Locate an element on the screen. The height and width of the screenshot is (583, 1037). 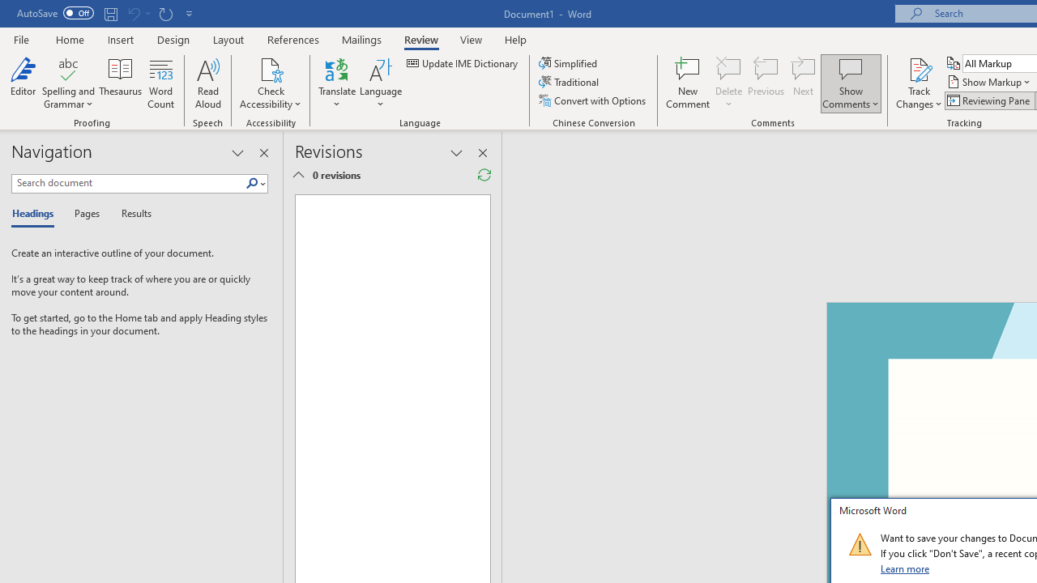
'Repeat Doc Close' is located at coordinates (165, 13).